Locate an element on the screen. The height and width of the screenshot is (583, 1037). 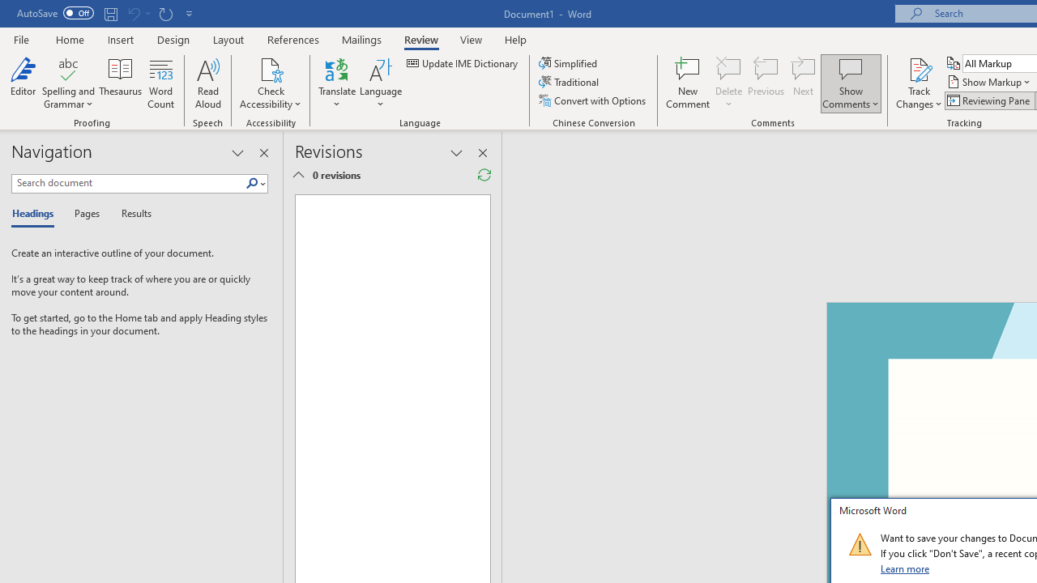
'Repeat Doc Close' is located at coordinates (165, 13).